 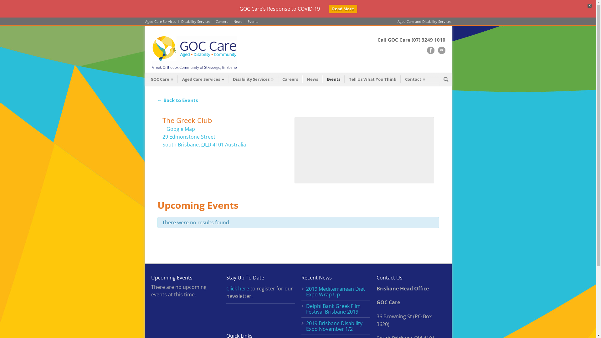 What do you see at coordinates (162, 21) in the screenshot?
I see `'Aged Care Services'` at bounding box center [162, 21].